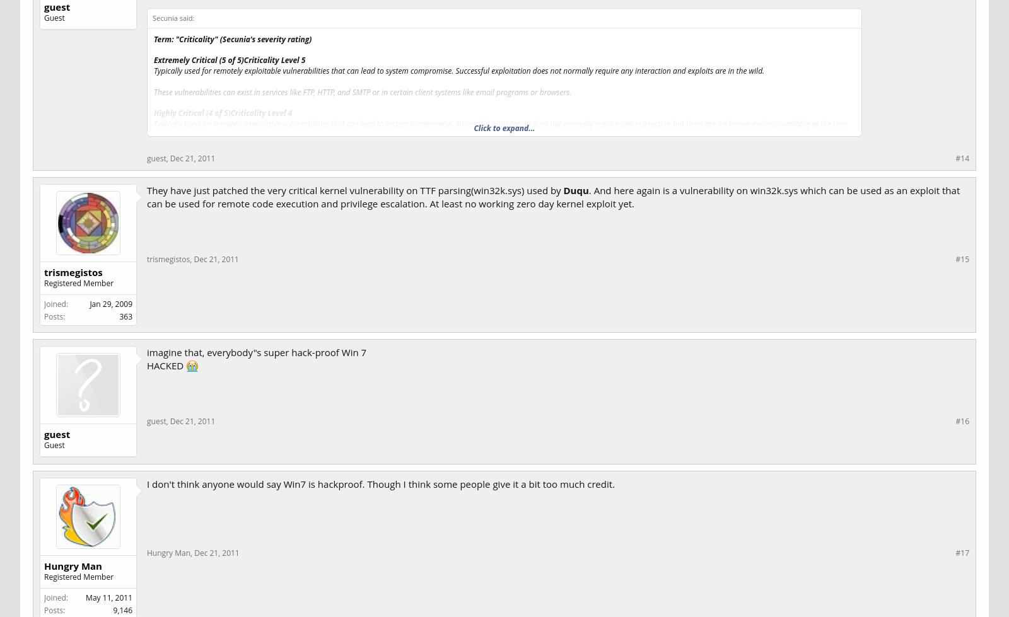 The image size is (1009, 617). What do you see at coordinates (110, 303) in the screenshot?
I see `'Jan 29, 2009'` at bounding box center [110, 303].